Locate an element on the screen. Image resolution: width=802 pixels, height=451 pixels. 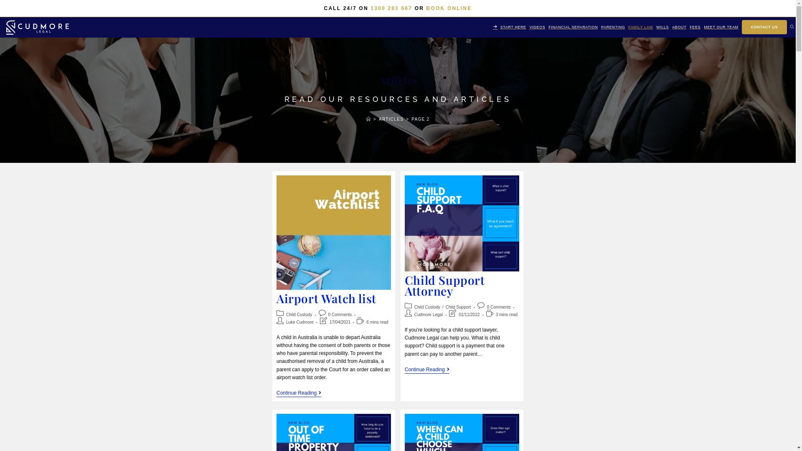
'Airport Watch list' is located at coordinates (326, 298).